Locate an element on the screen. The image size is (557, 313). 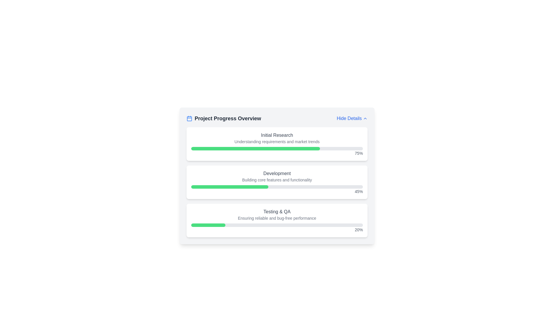
the grouped progress display located centrally within the 'Project Progress Overview' section is located at coordinates (277, 182).